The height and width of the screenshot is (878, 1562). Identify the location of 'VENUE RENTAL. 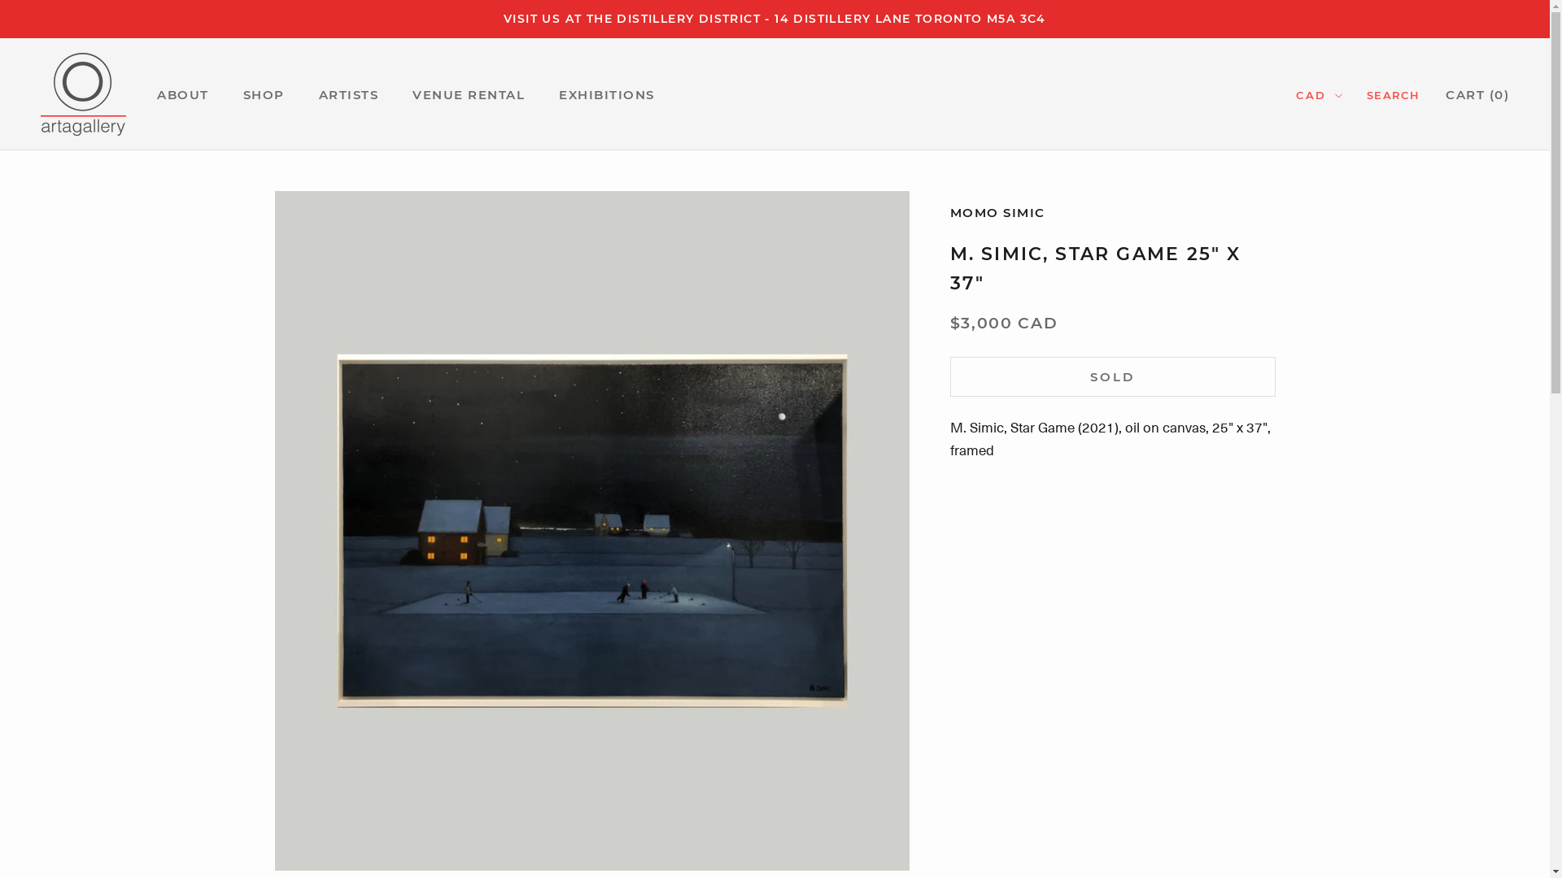
(468, 94).